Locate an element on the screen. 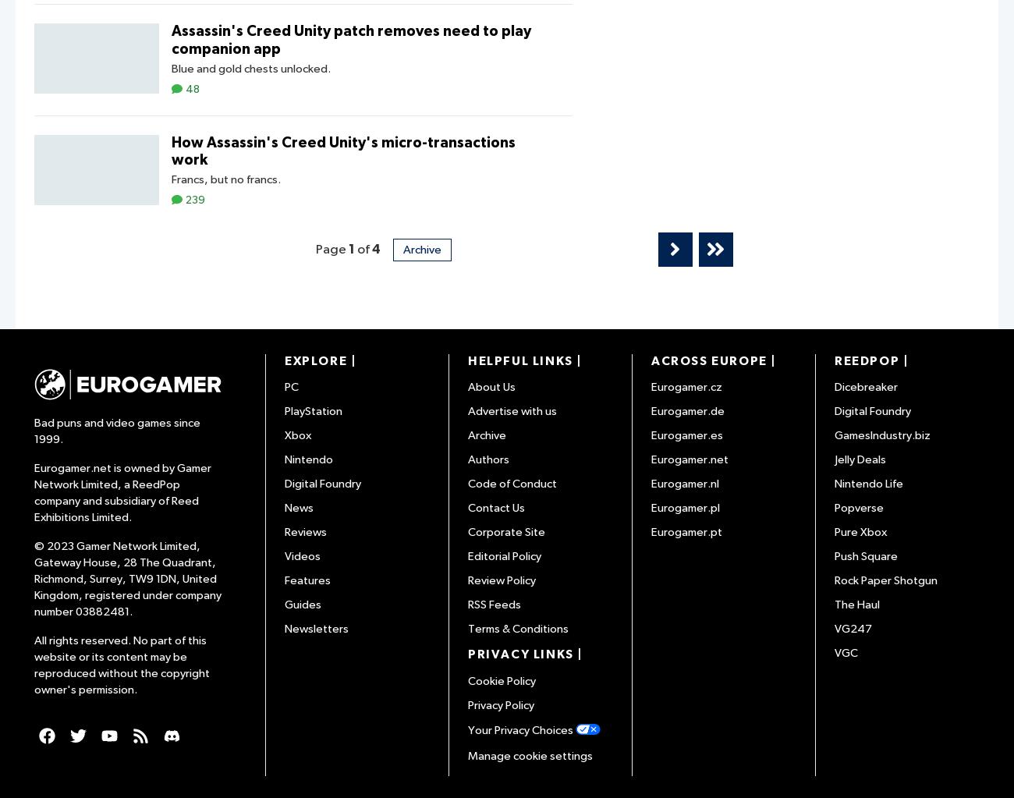 The width and height of the screenshot is (1014, 798). 'Xbox' is located at coordinates (297, 435).